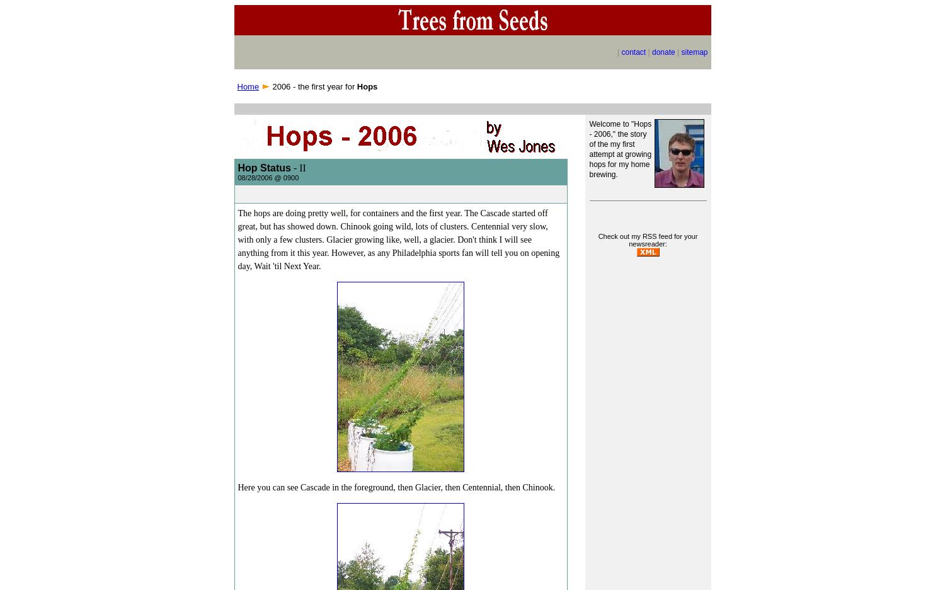 This screenshot has width=945, height=590. I want to click on 'The hops are doing pretty well, for
                                          containers and the first year. The
                                          Cascade started off great, but has
                                          showed down. Chinook going wild, lots
                                          of clusters. Centennial very slow,
                                          with only a few clusters. Glacier
                                          growing like, well, a glacier. Don't
                                          think I will see anything from it this
                                          year. However, as any Philadelphia
                                          sports fan will tell you on opening
                                          day, Wait 'til Next Year.', so click(398, 240).